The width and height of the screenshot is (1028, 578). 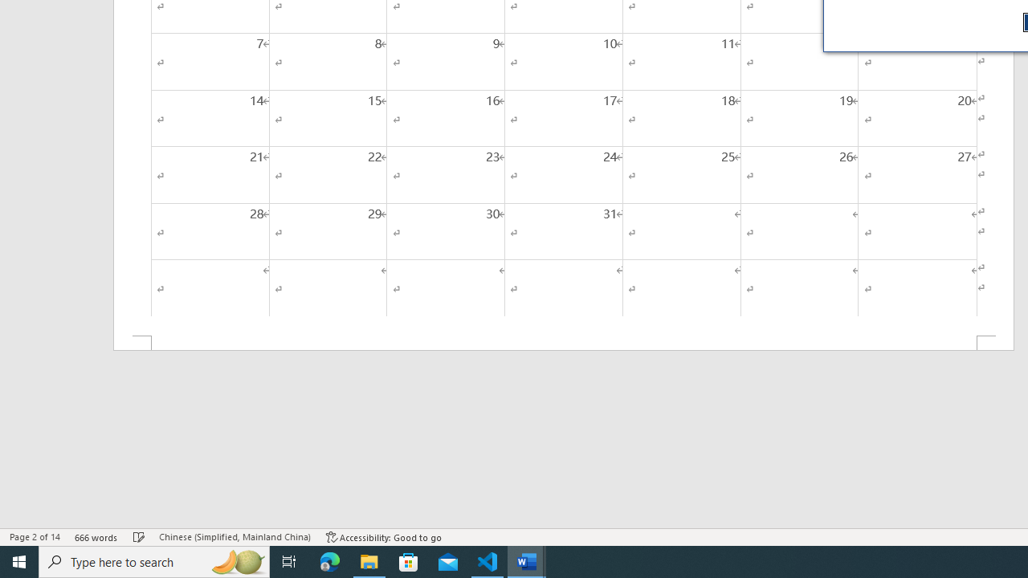 I want to click on 'Type here to search', so click(x=154, y=560).